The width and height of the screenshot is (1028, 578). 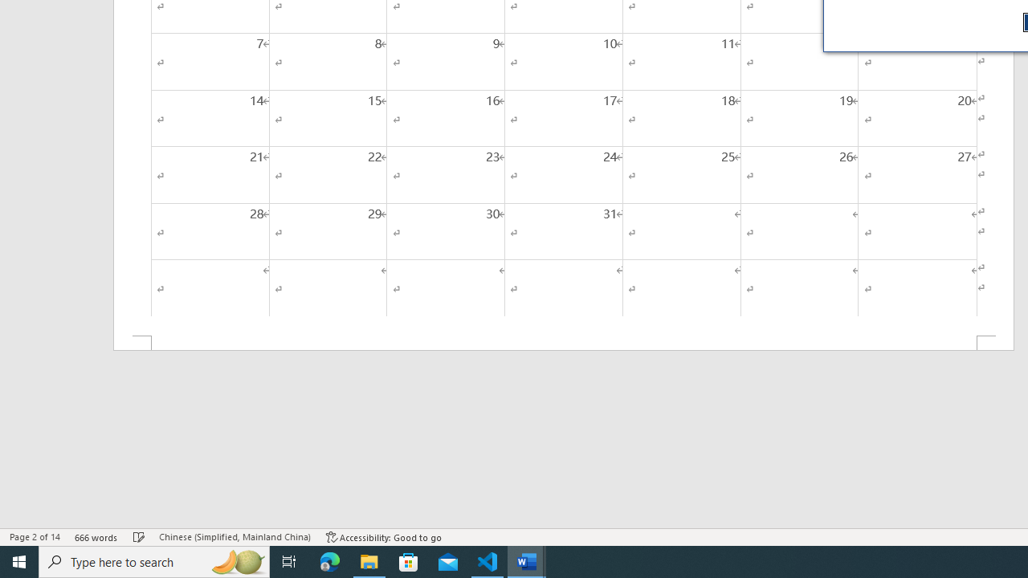 I want to click on 'Type here to search', so click(x=154, y=560).